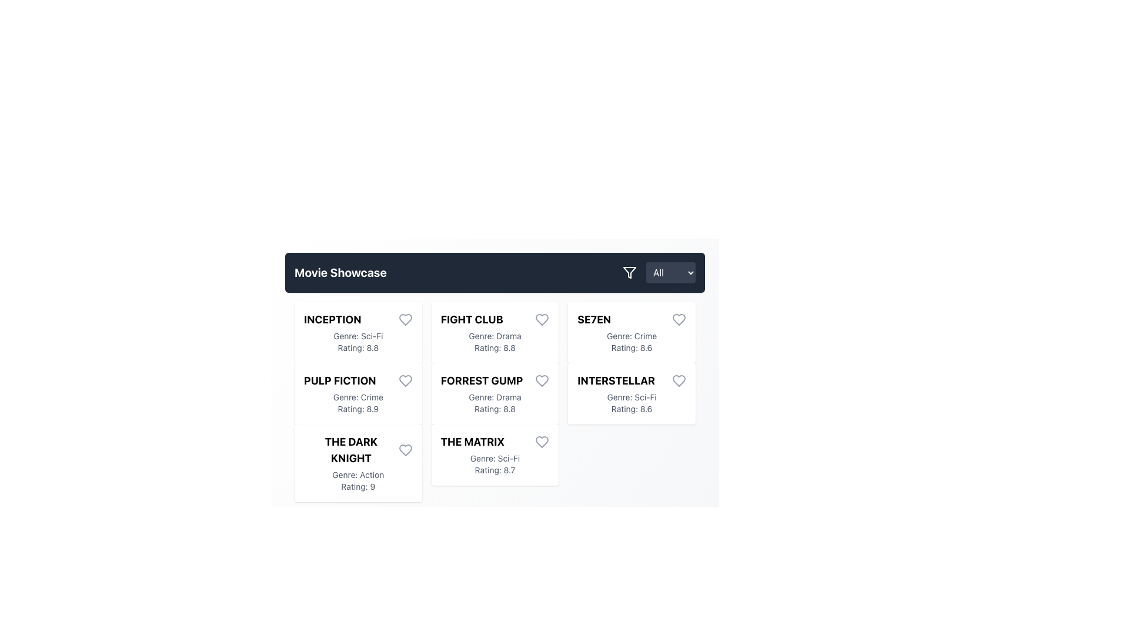 The image size is (1129, 635). Describe the element at coordinates (339, 381) in the screenshot. I see `the bold uppercase text label reading 'Pulp Fiction' located in the second row, first column of the grid layout` at that location.